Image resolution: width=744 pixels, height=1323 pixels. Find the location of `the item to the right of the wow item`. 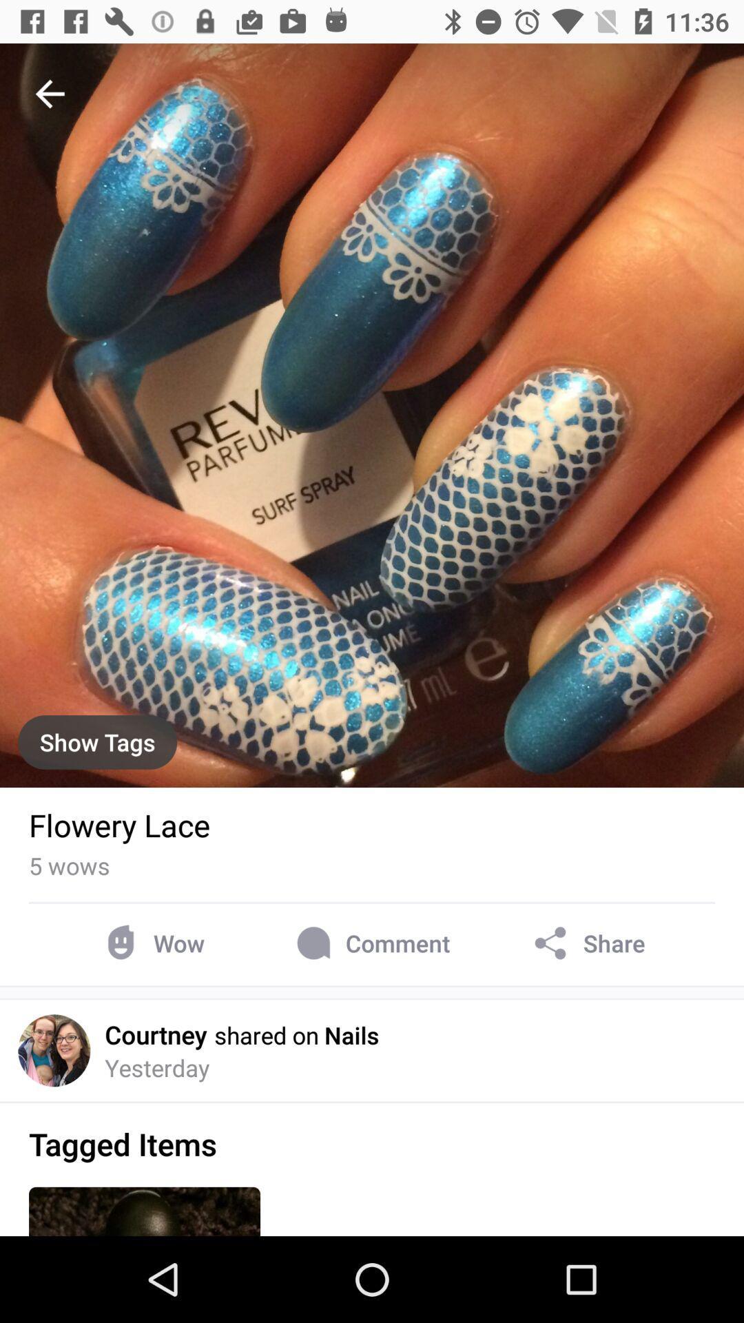

the item to the right of the wow item is located at coordinates (370, 943).